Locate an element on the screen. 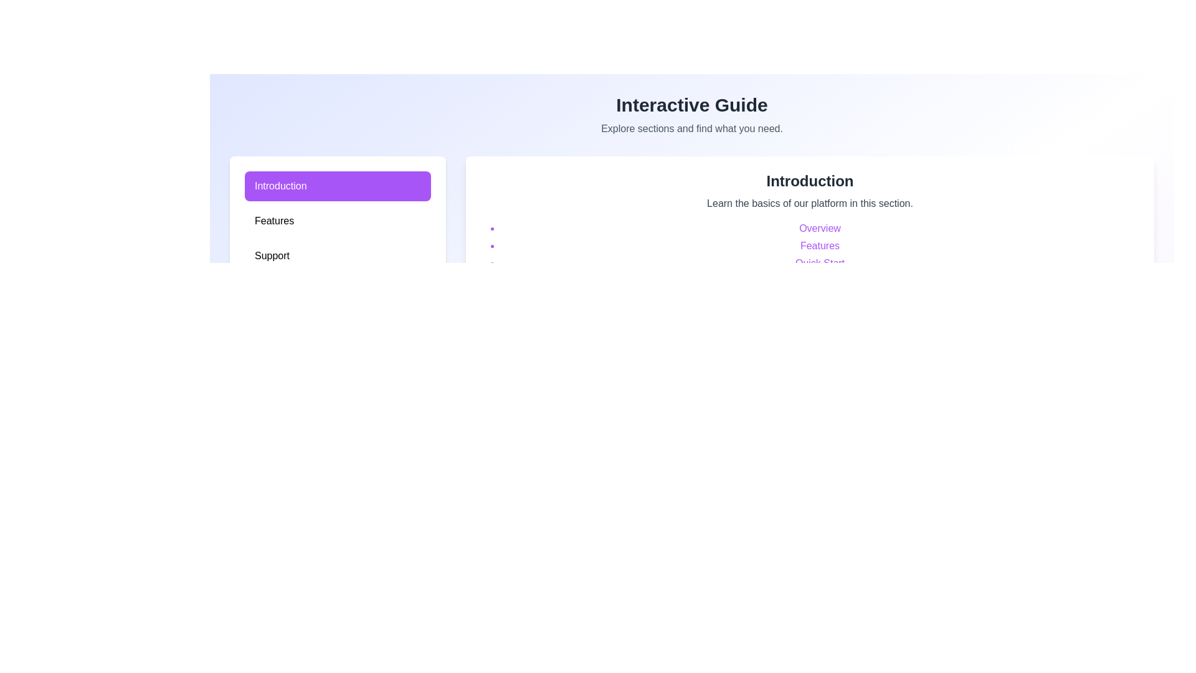  the text label displaying 'Quick Start' in purple font, which is the third item in the list under the 'Introduction' section is located at coordinates (820, 263).